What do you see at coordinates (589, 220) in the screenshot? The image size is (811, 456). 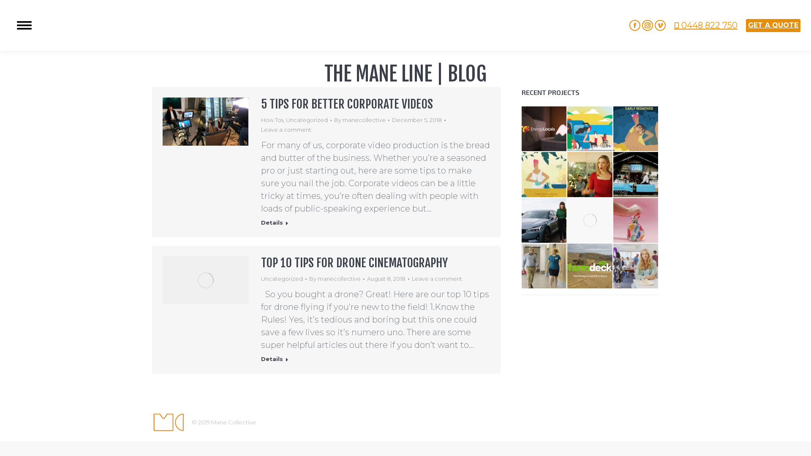 I see `'Dharawal | People Places Stories | WCC'` at bounding box center [589, 220].